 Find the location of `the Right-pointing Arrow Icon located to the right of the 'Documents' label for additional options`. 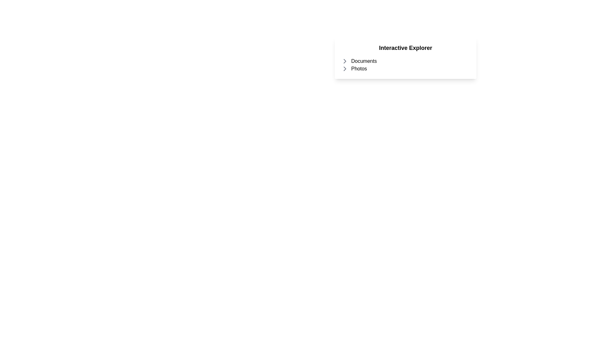

the Right-pointing Arrow Icon located to the right of the 'Documents' label for additional options is located at coordinates (344, 61).